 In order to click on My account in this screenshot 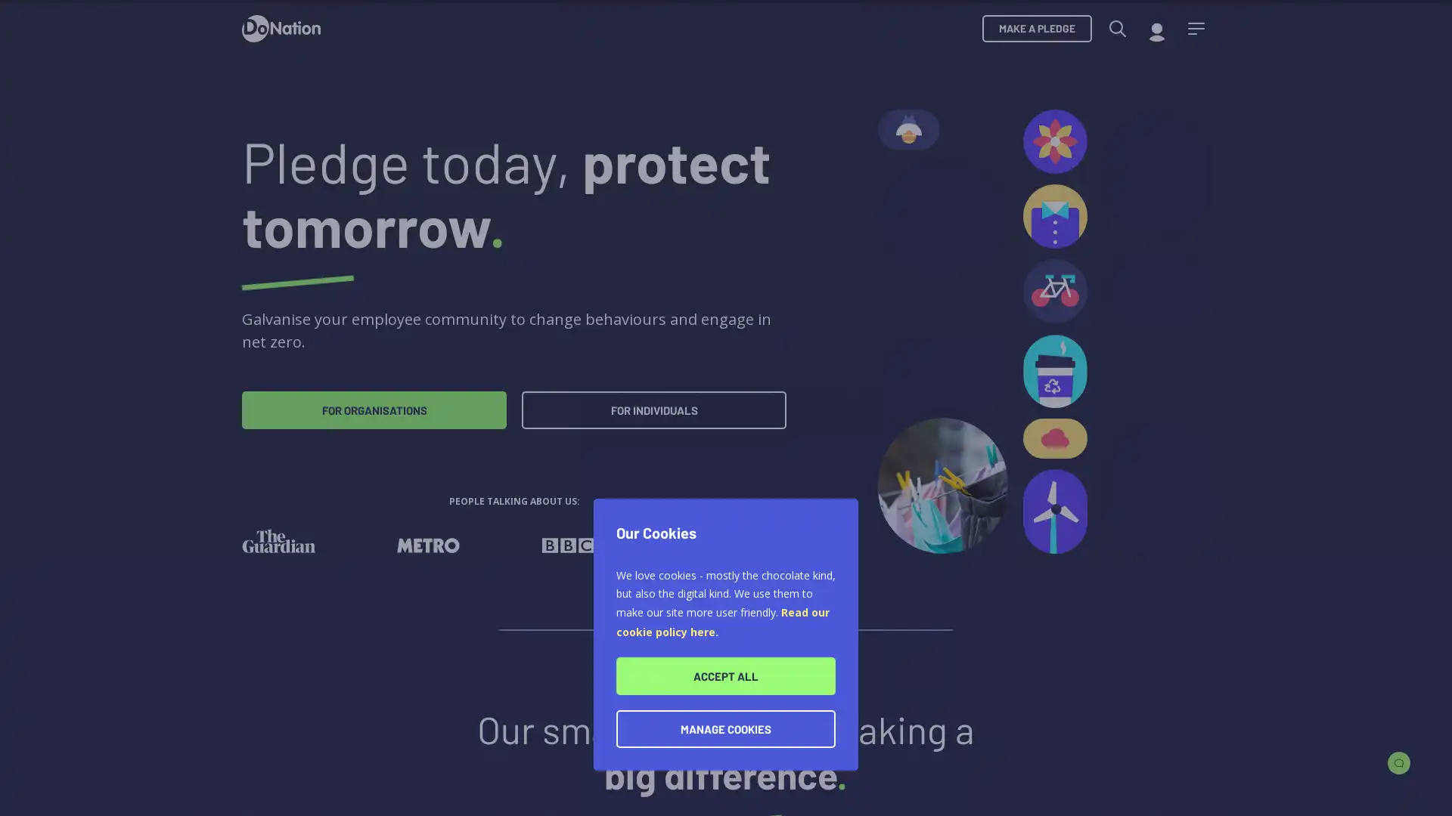, I will do `click(1156, 29)`.